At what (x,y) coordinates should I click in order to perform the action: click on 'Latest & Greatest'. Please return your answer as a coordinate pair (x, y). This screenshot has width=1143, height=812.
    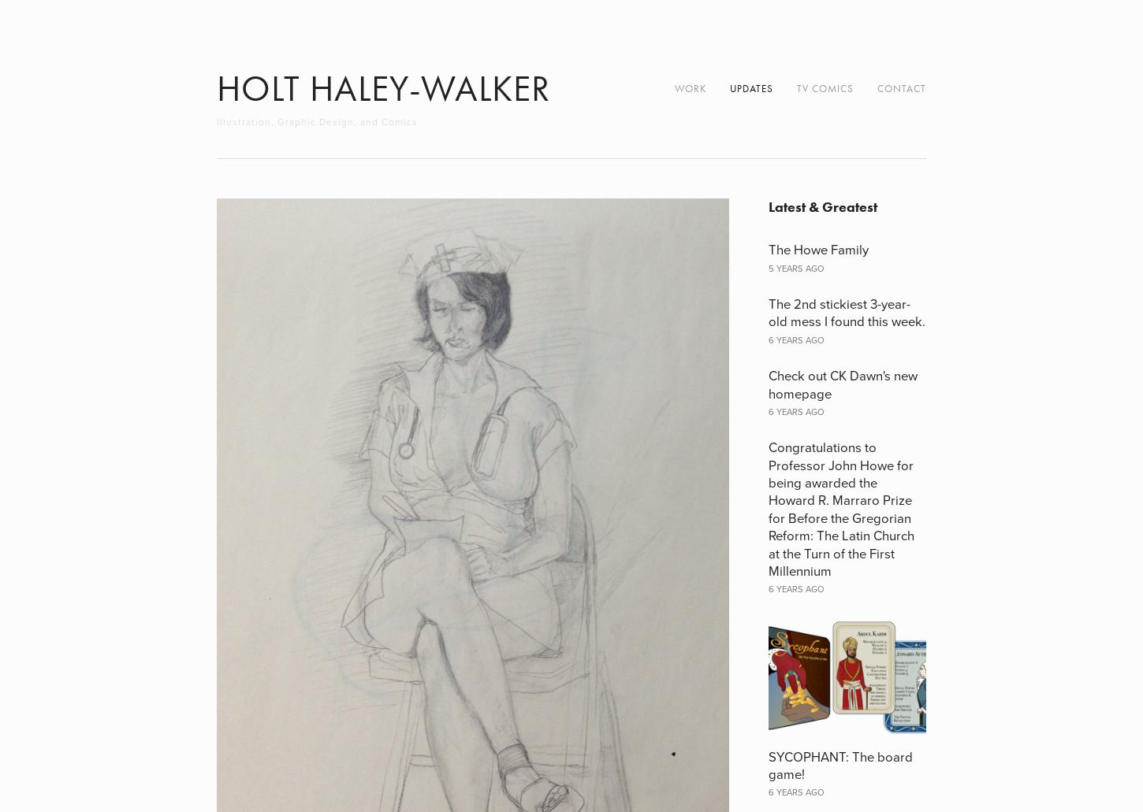
    Looking at the image, I should click on (823, 206).